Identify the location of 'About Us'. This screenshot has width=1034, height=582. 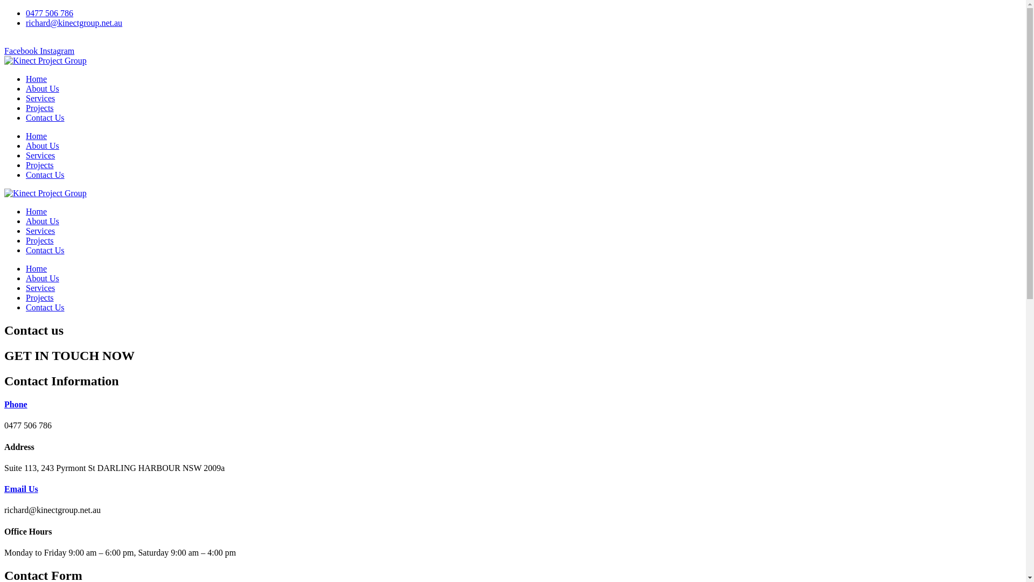
(42, 220).